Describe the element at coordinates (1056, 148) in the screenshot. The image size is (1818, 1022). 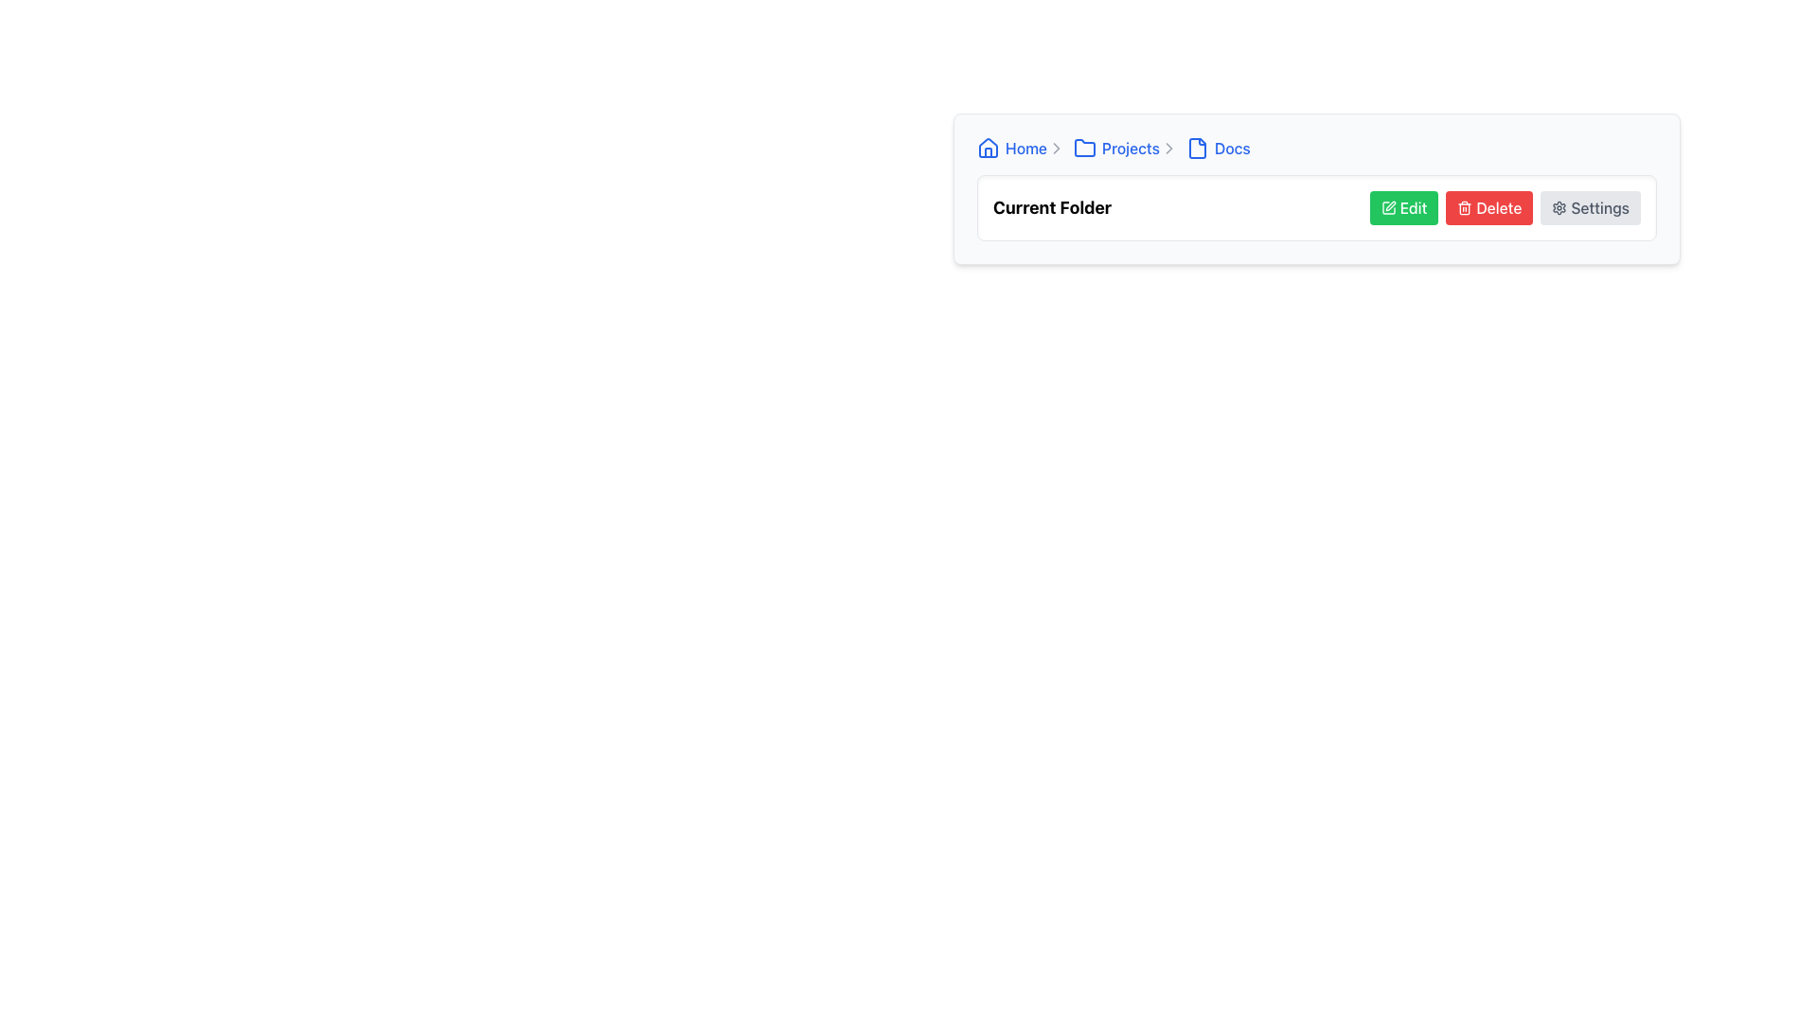
I see `the breadcrumb navigation separator icon located directly to the right of the 'Home' text for navigational context` at that location.